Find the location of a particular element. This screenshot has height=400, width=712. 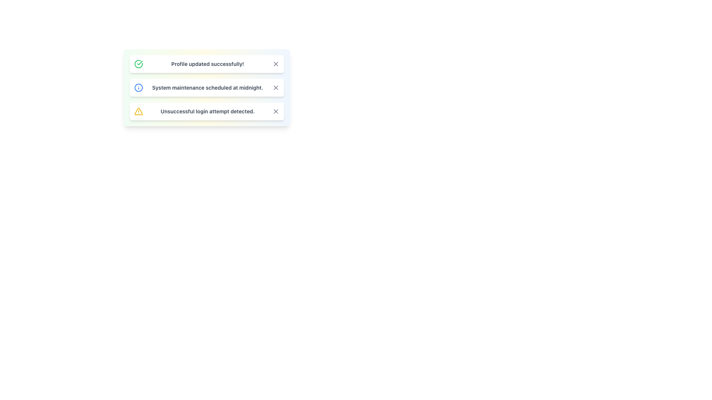

the green circular icon with a checkmark indicating success, located to the left of the 'Profile updated successfully!' text in the notification card is located at coordinates (139, 64).